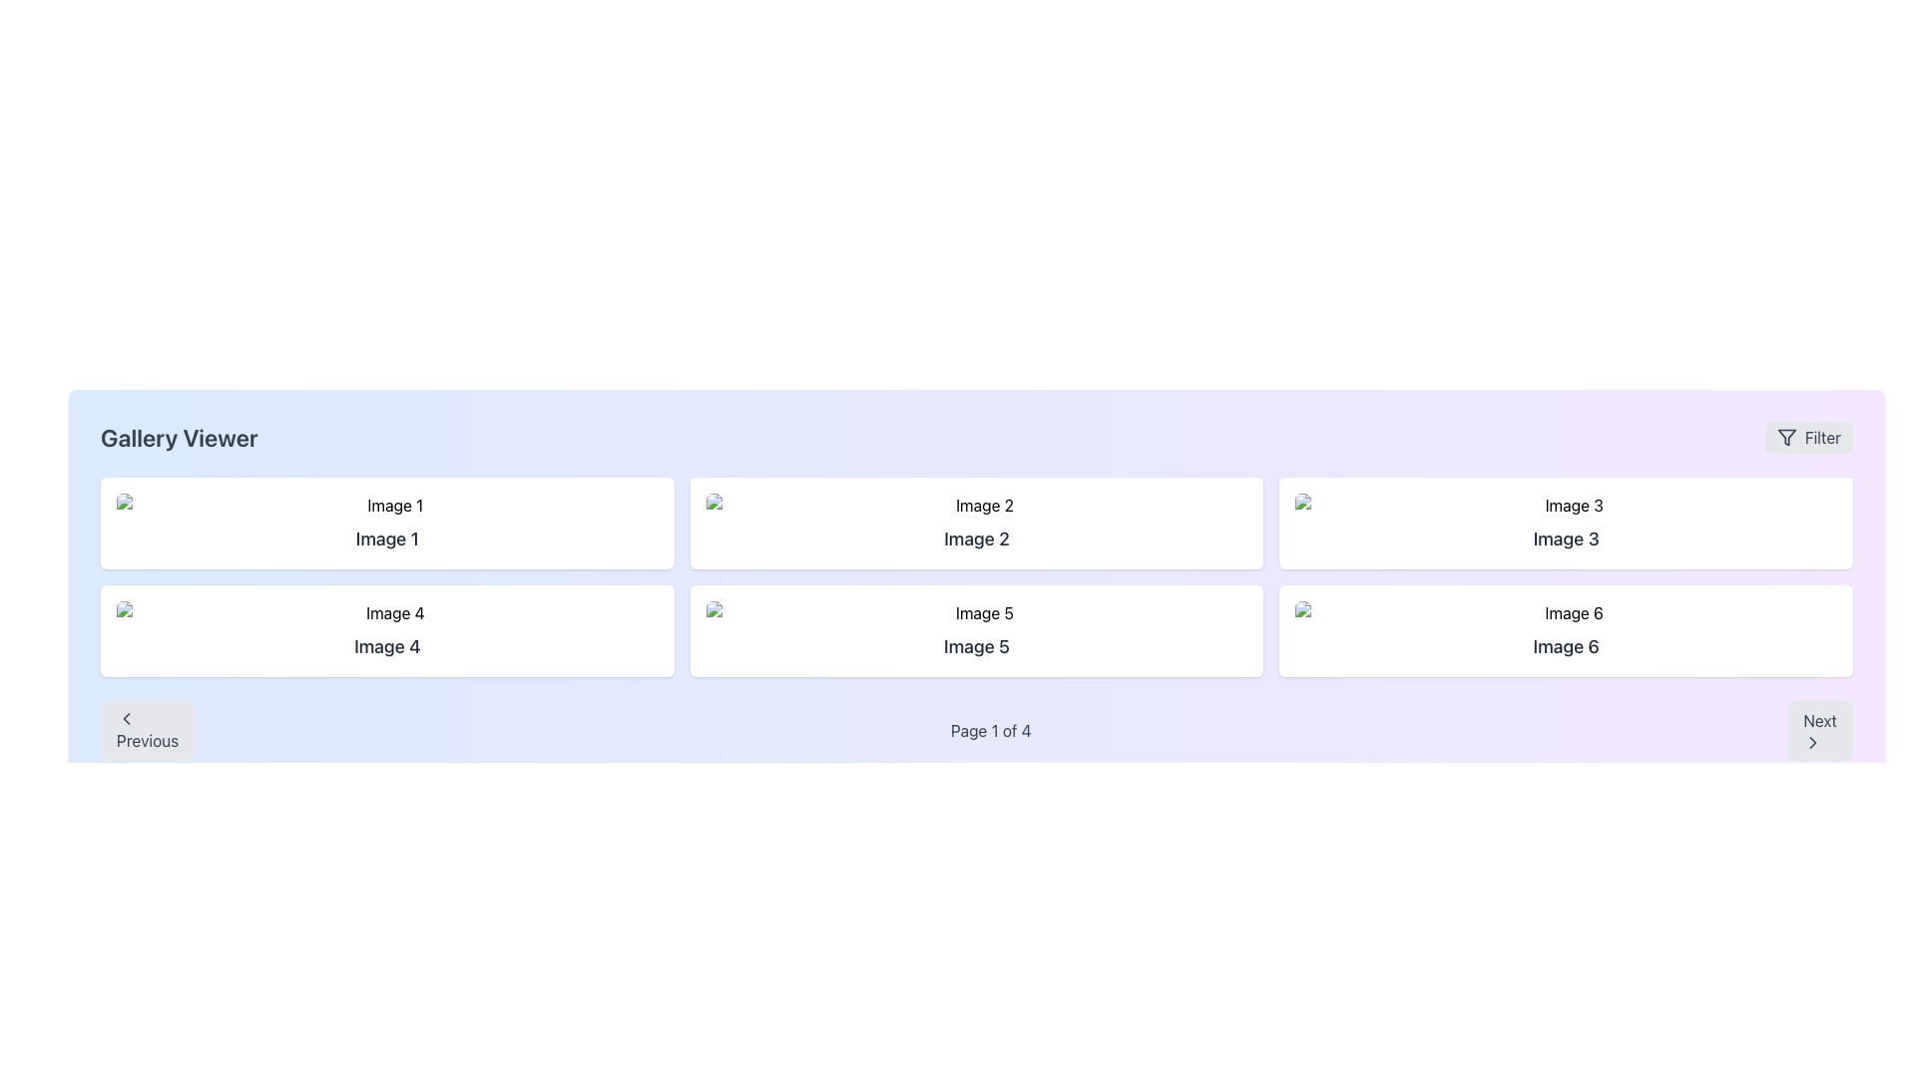 This screenshot has width=1916, height=1077. I want to click on the image placeholder labeled 'Image 6' located in the bottom-right corner of the gallery grid for selection, so click(1565, 611).